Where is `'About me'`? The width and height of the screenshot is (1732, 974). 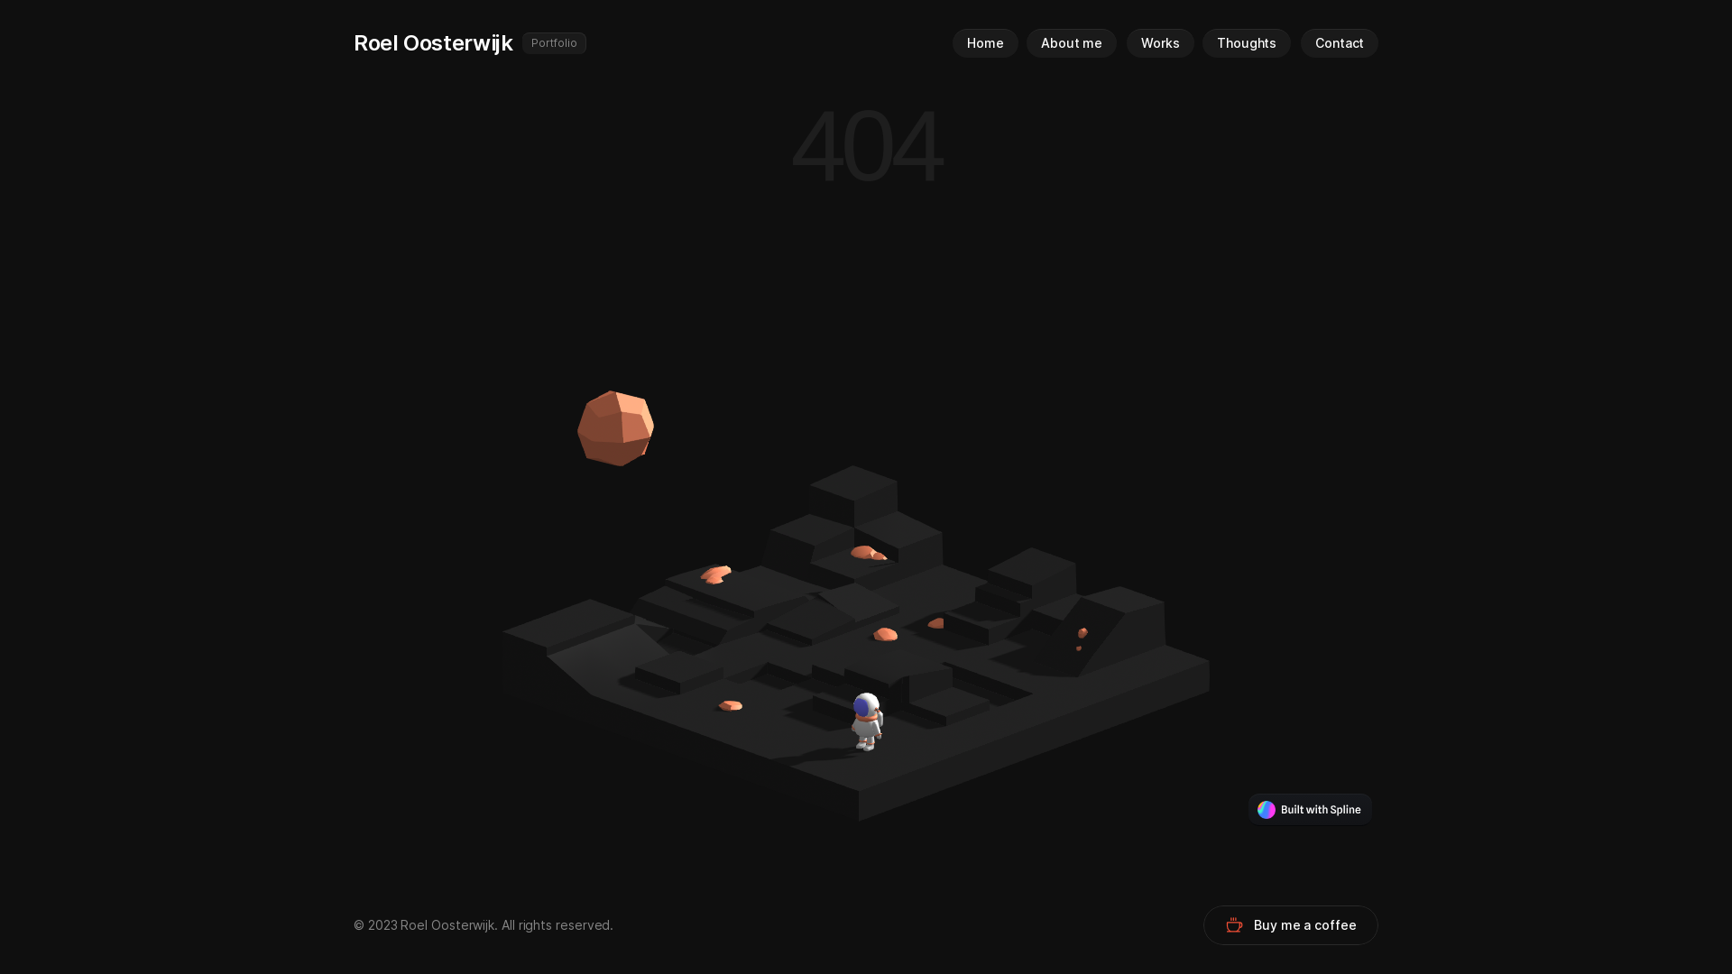
'About me' is located at coordinates (1071, 41).